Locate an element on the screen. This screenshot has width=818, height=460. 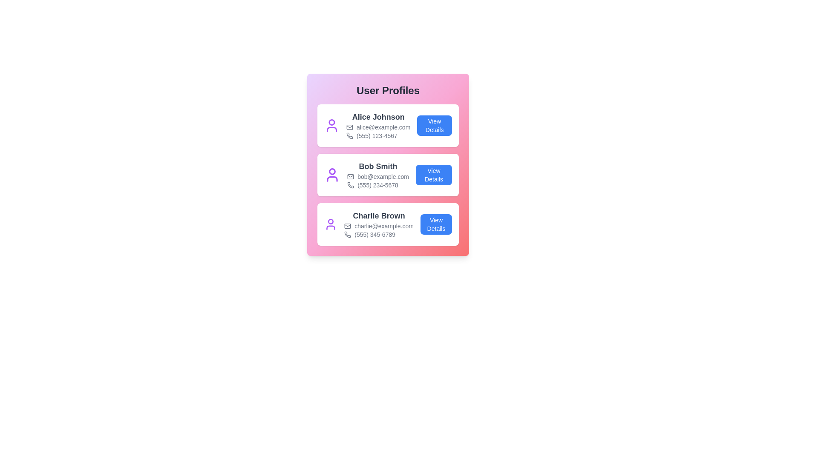
the mail icon for the user Alice Johnson is located at coordinates (349, 127).